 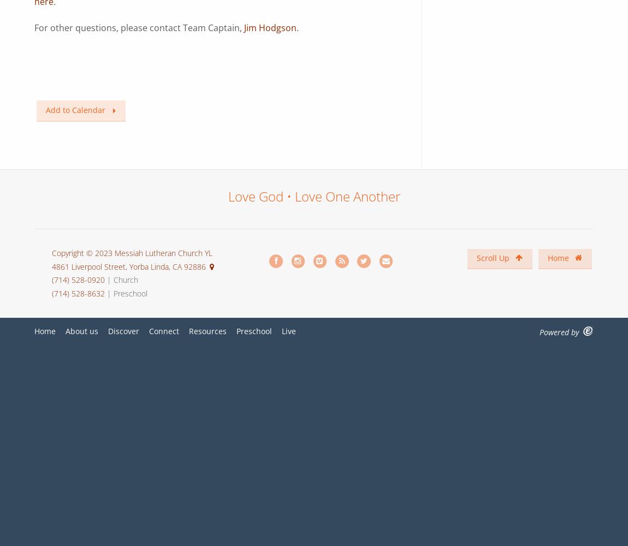 What do you see at coordinates (313, 195) in the screenshot?
I see `'Love God • Love One Another'` at bounding box center [313, 195].